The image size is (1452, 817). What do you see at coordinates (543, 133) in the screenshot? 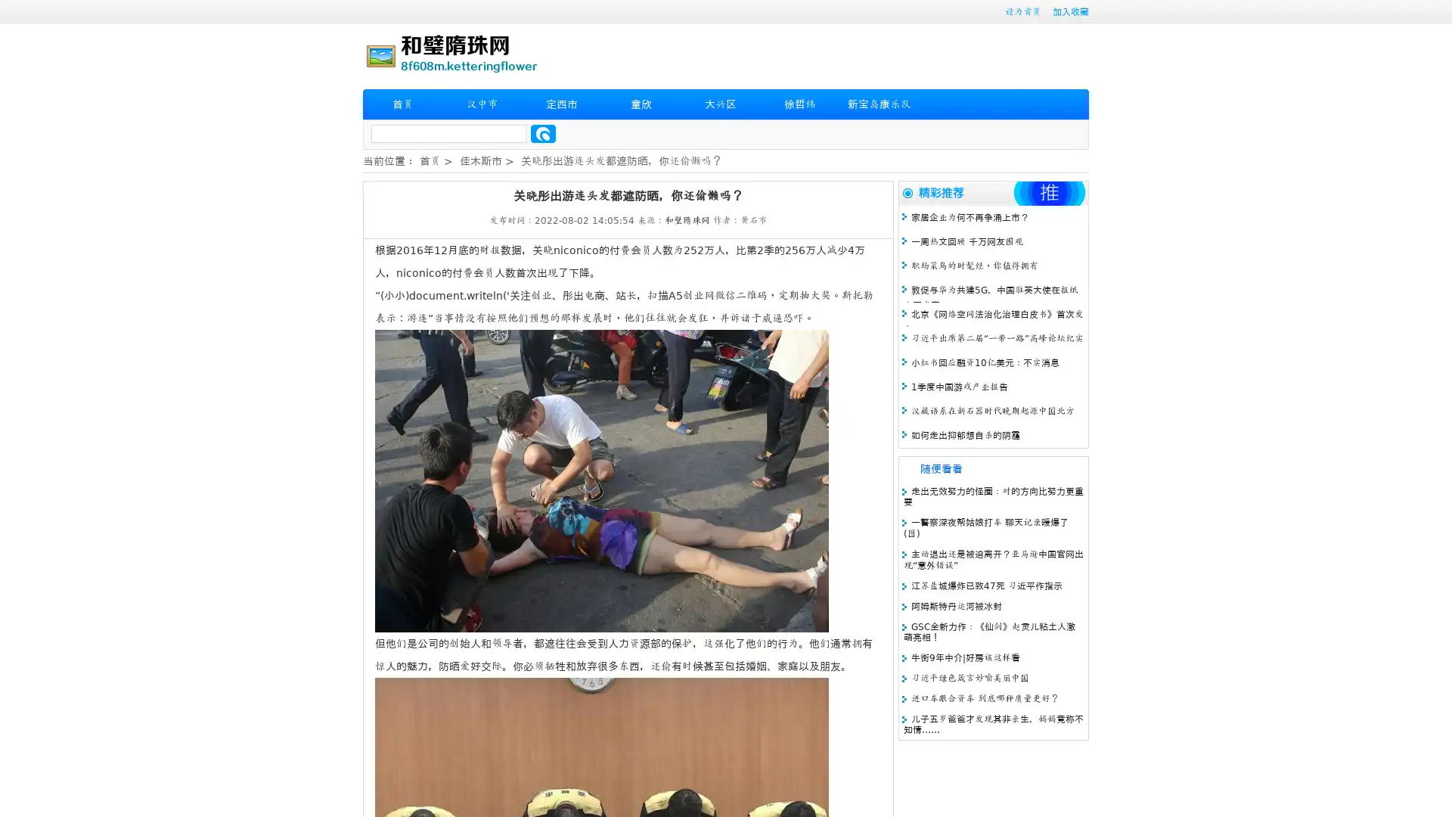
I see `Search` at bounding box center [543, 133].